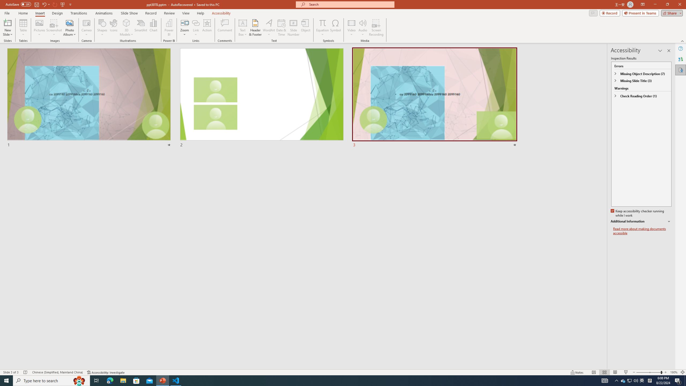 The width and height of the screenshot is (686, 386). What do you see at coordinates (269, 28) in the screenshot?
I see `'WordArt'` at bounding box center [269, 28].